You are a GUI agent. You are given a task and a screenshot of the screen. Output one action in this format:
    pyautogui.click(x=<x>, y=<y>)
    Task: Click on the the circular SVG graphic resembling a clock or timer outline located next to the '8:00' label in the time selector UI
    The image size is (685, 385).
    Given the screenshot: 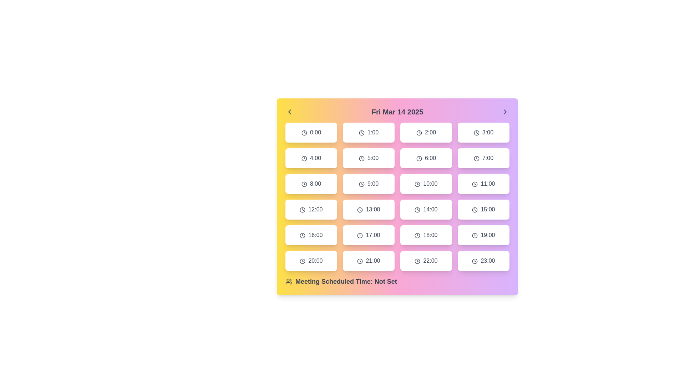 What is the action you would take?
    pyautogui.click(x=304, y=184)
    